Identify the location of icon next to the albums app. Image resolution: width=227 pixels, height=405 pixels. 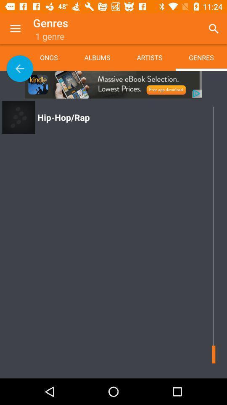
(149, 57).